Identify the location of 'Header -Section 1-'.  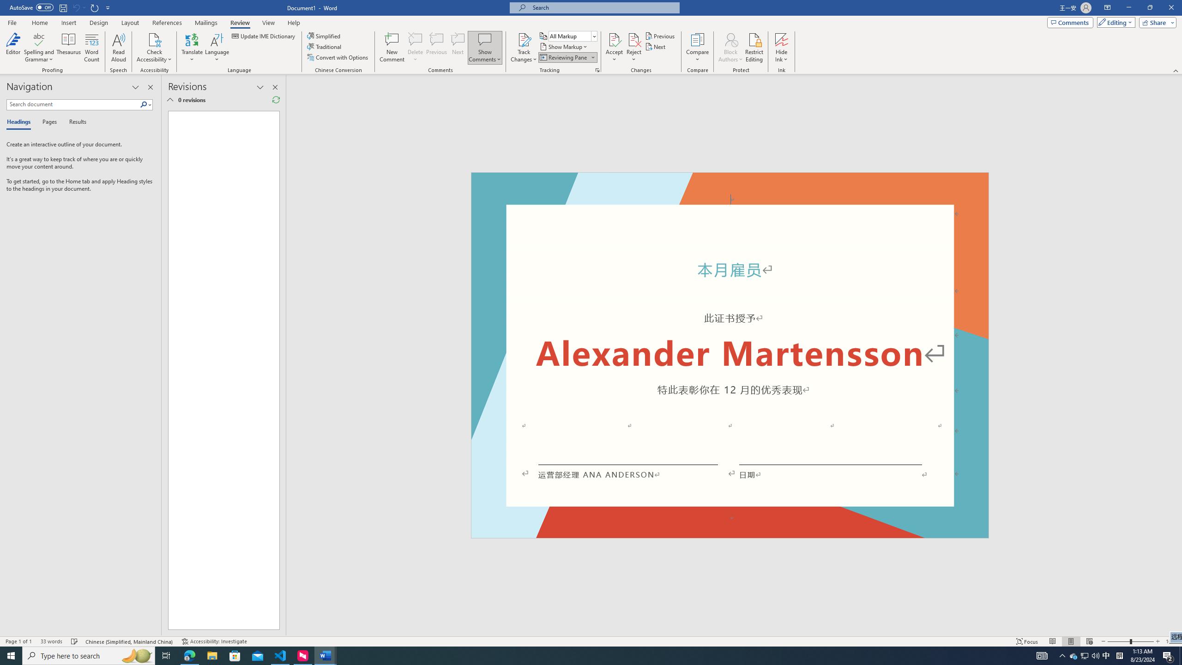
(729, 182).